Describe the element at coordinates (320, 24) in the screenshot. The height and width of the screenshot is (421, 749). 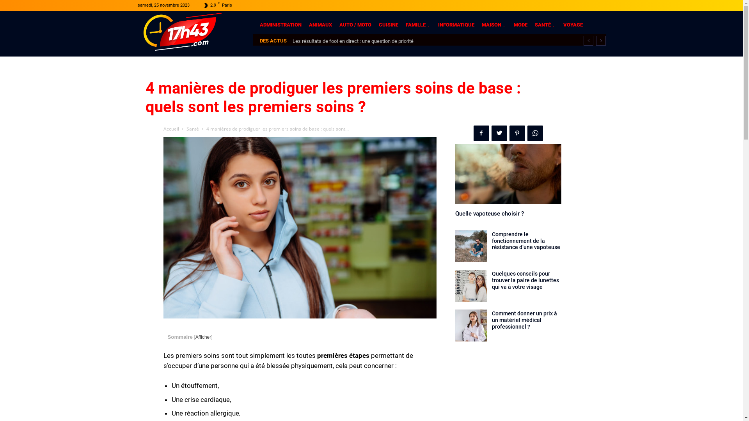
I see `'ANIMAUX'` at that location.